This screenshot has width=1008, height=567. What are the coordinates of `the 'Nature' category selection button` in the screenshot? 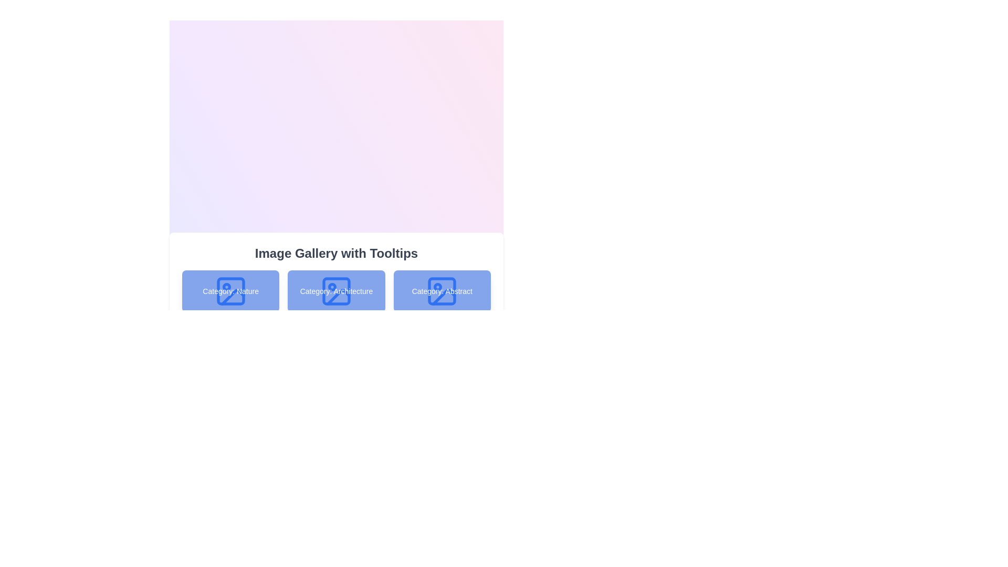 It's located at (230, 291).